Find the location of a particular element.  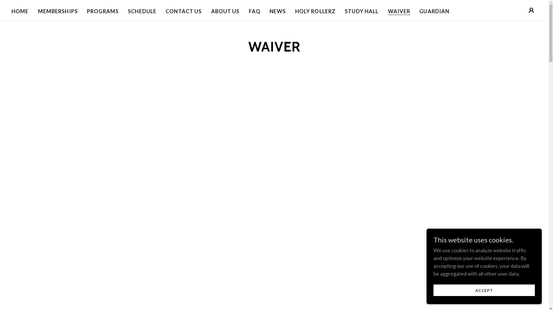

'PROGRAMS' is located at coordinates (85, 11).